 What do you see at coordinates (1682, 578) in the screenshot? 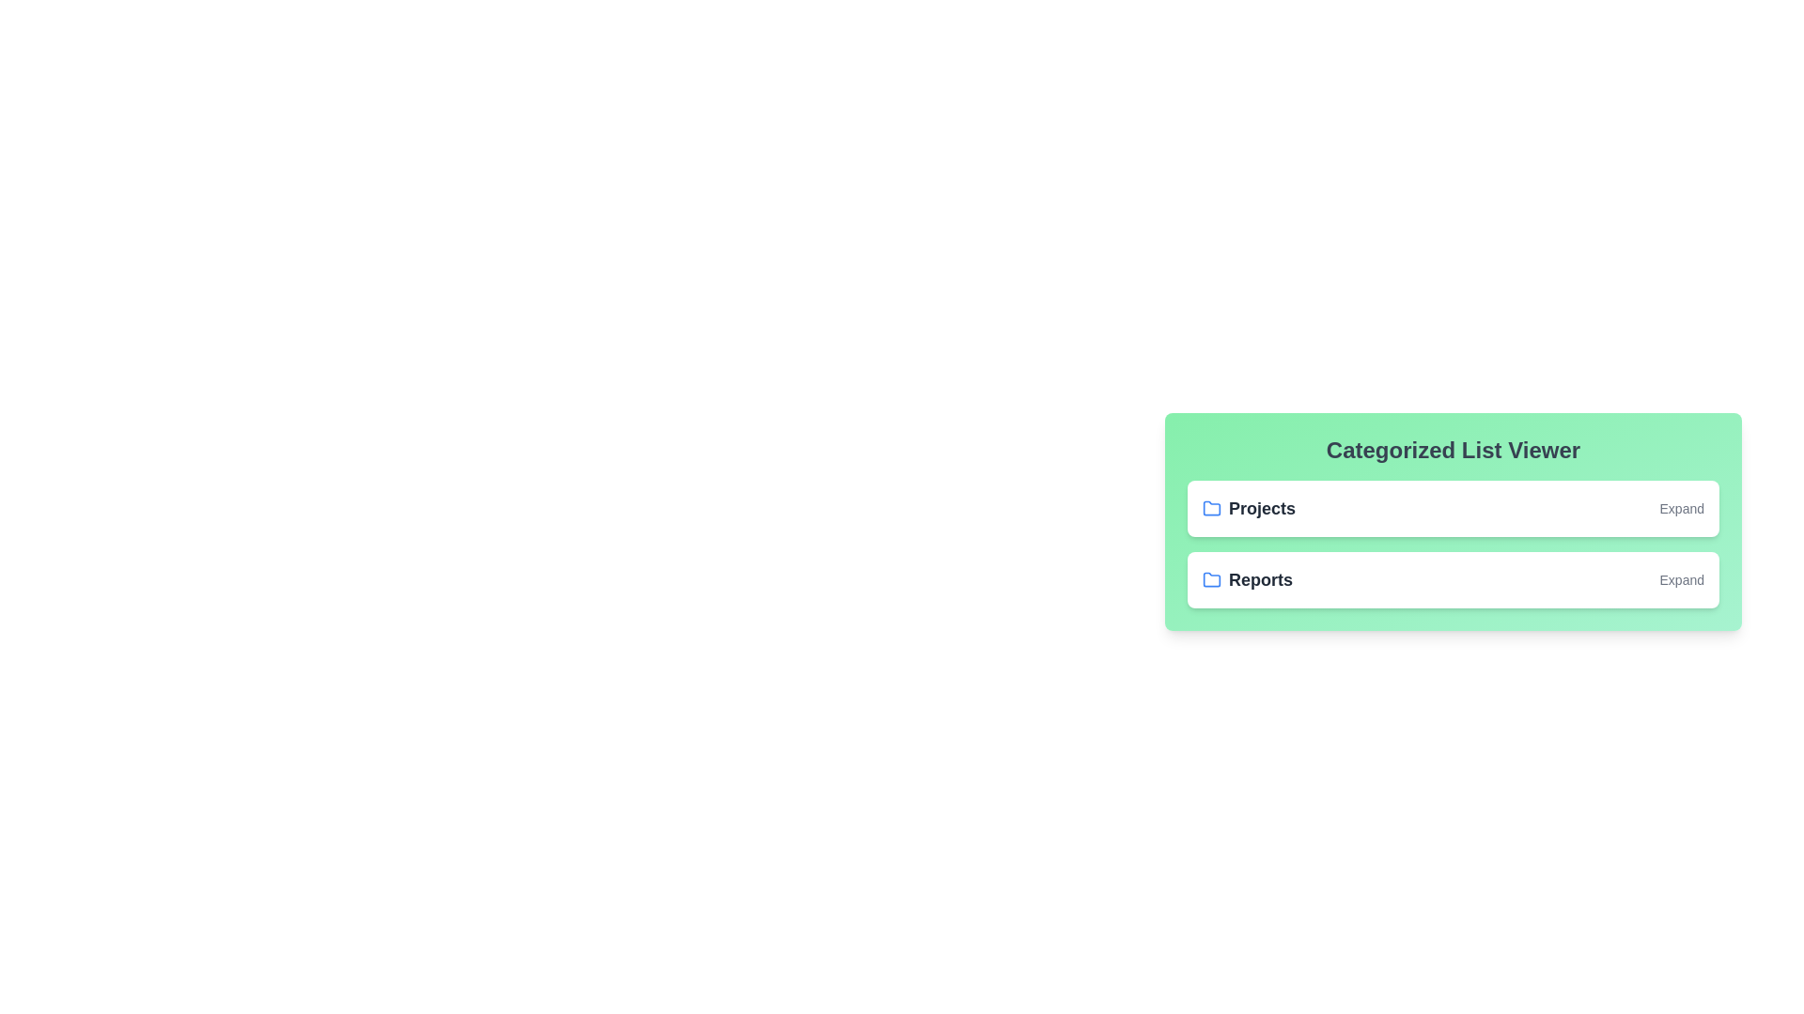
I see `the 'Expand' button for the Reports category` at bounding box center [1682, 578].